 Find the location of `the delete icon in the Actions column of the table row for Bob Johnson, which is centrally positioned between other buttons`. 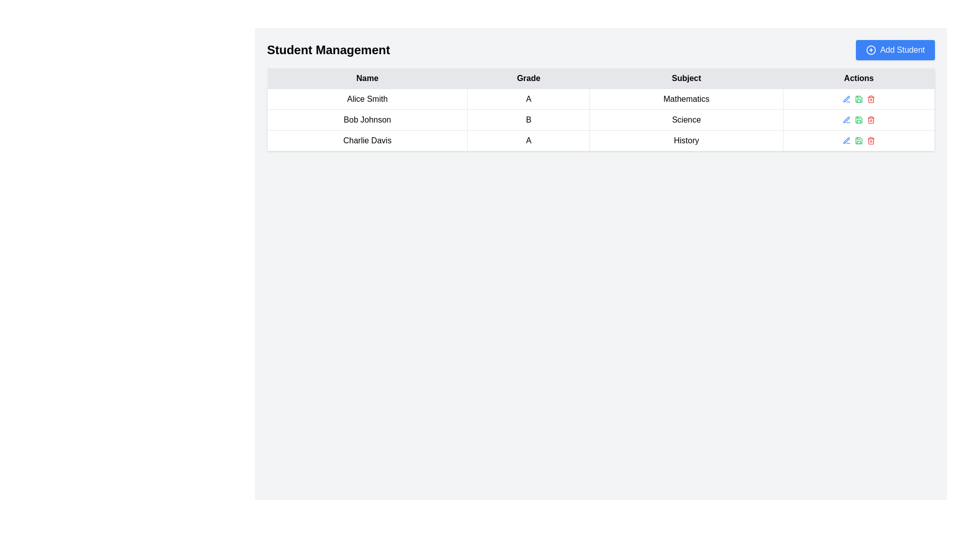

the delete icon in the Actions column of the table row for Bob Johnson, which is centrally positioned between other buttons is located at coordinates (858, 119).